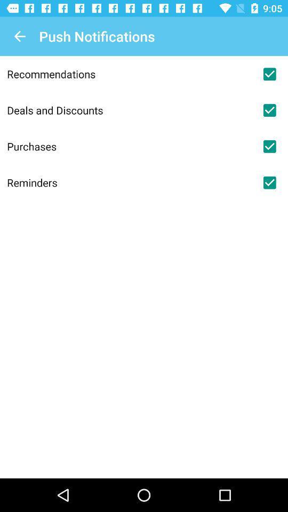  Describe the element at coordinates (129, 73) in the screenshot. I see `the item above the deals and discounts` at that location.